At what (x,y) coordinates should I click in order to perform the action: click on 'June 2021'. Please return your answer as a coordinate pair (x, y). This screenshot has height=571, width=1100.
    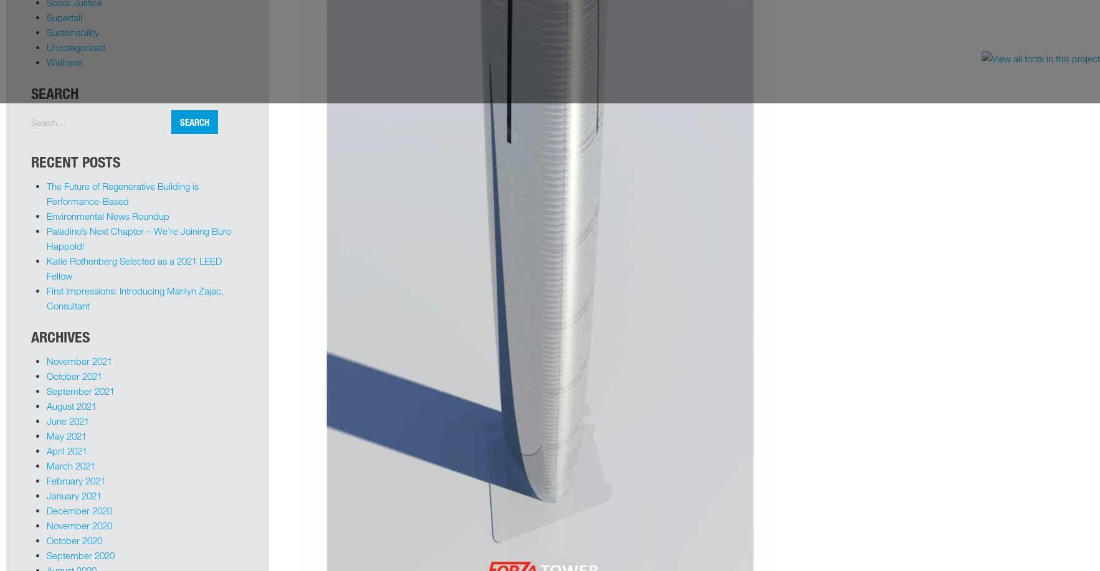
    Looking at the image, I should click on (67, 420).